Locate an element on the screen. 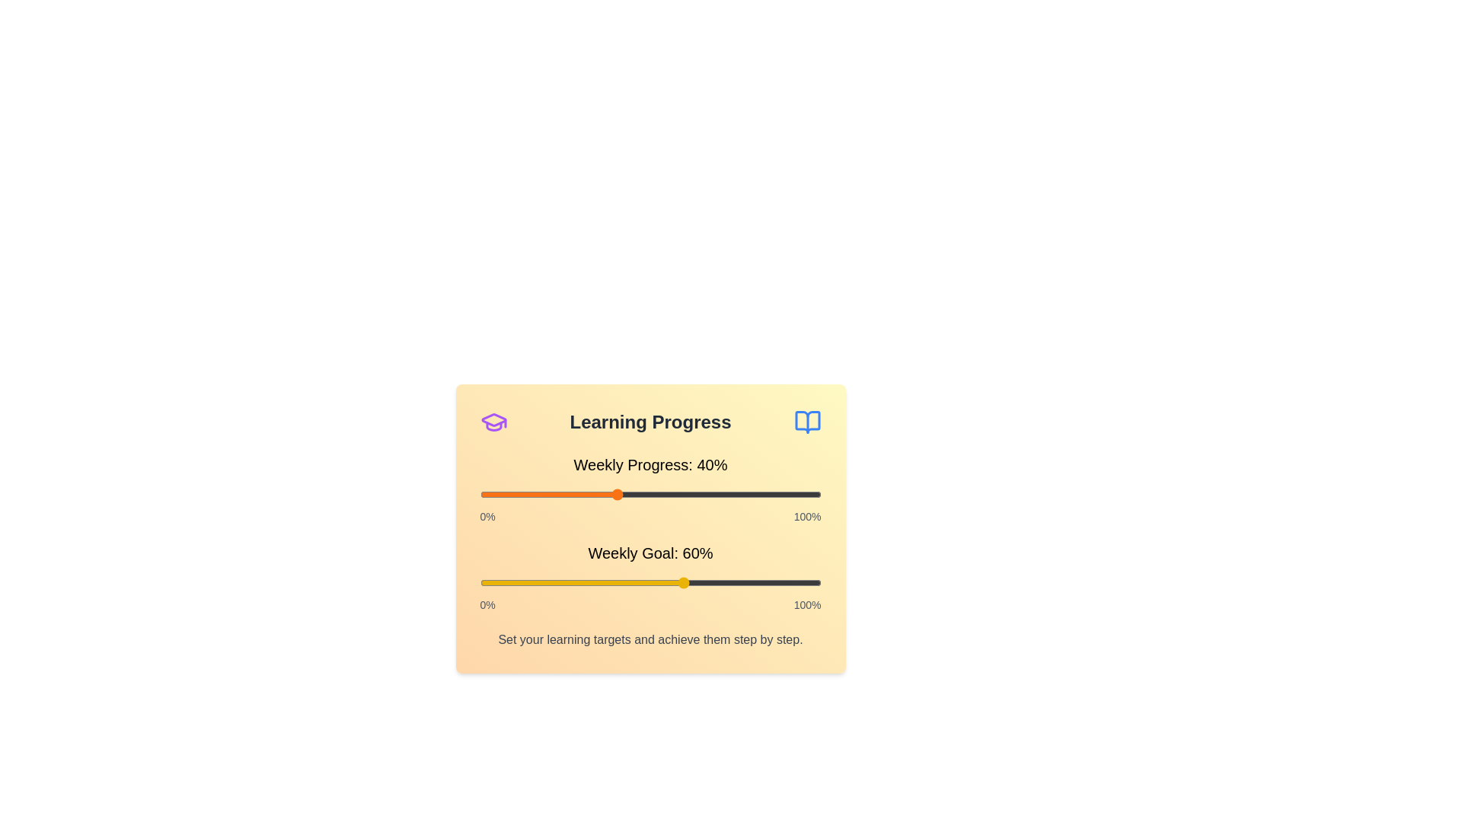 The width and height of the screenshot is (1462, 822). the 'Weekly Progress' slider to 75% is located at coordinates (736, 495).